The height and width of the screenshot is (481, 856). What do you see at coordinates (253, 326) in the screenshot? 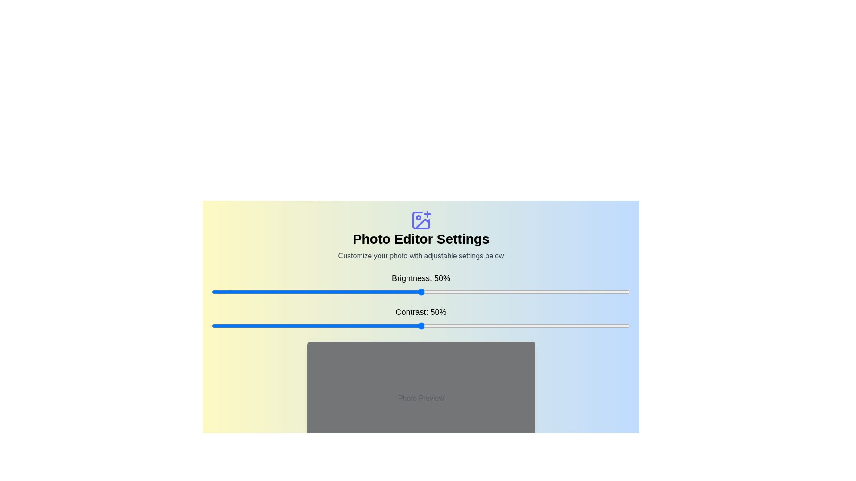
I see `the contrast slider to 10%` at bounding box center [253, 326].